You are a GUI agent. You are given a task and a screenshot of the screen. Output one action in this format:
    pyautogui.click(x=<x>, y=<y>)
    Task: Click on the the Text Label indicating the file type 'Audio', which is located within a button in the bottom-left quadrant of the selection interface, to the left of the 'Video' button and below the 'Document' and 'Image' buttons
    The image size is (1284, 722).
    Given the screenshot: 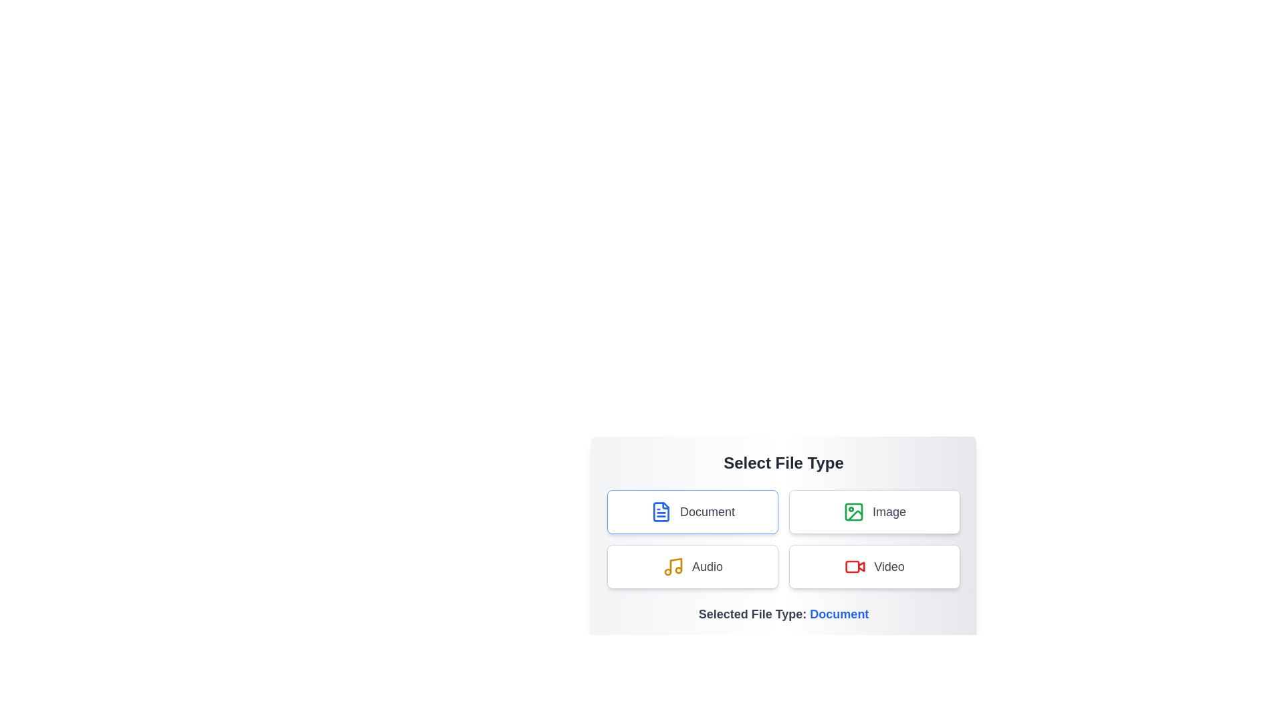 What is the action you would take?
    pyautogui.click(x=706, y=567)
    